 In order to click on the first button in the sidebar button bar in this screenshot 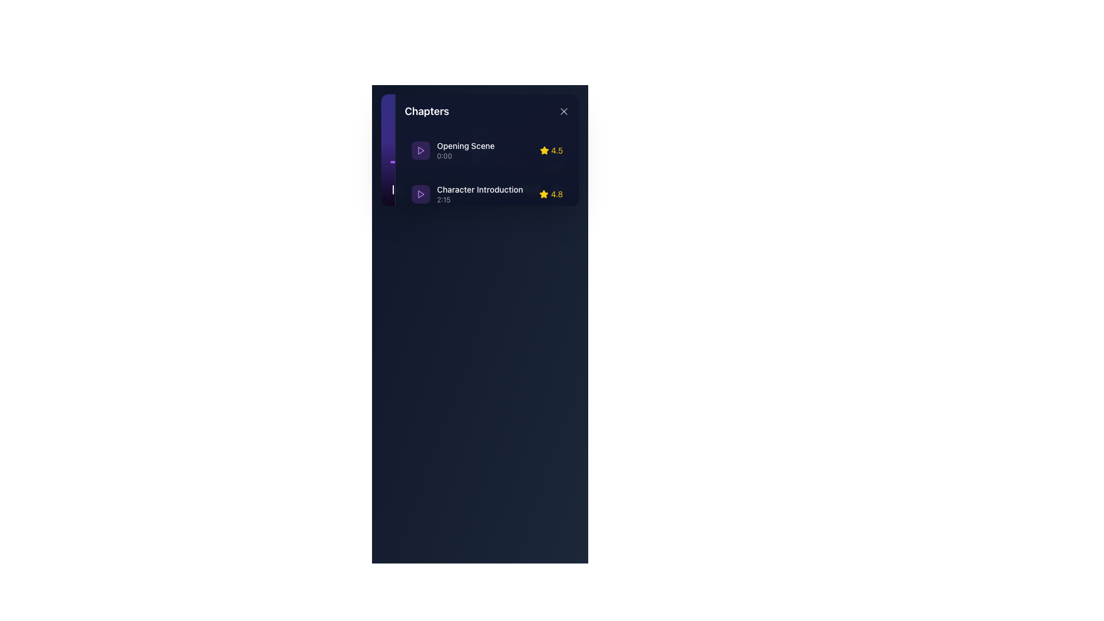, I will do `click(397, 189)`.